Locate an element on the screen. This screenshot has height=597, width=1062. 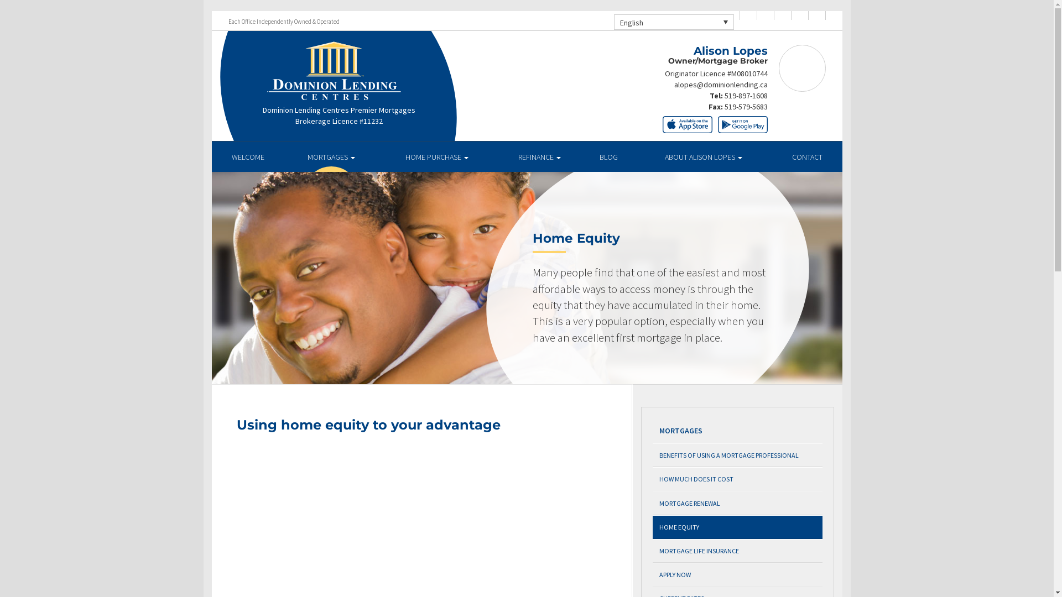
'MORTGAGES' is located at coordinates (737, 430).